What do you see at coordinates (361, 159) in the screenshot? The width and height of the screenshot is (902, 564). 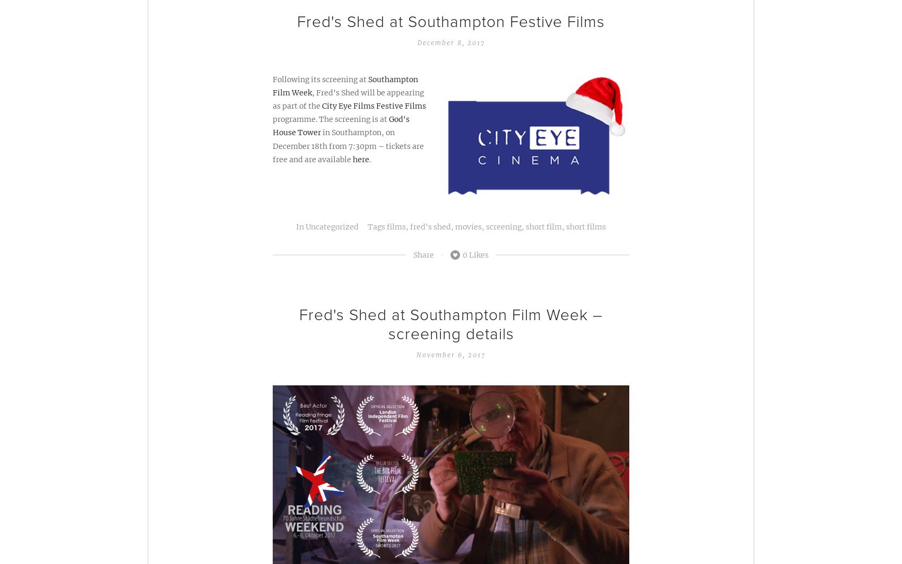 I see `'here'` at bounding box center [361, 159].